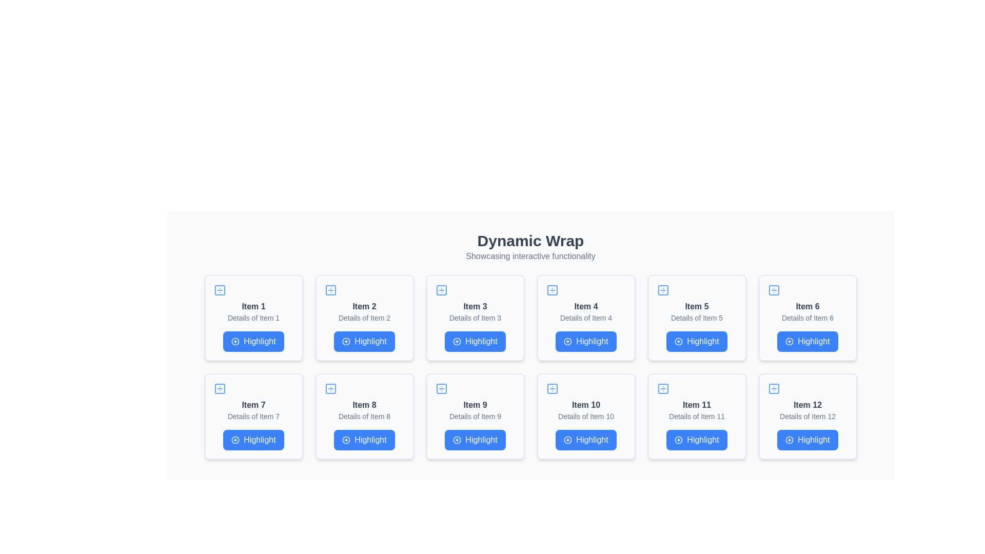  I want to click on the decorative icon located at the top-left corner of the card labeled 'Item 4', positioned slightly above the label text, so click(551, 290).